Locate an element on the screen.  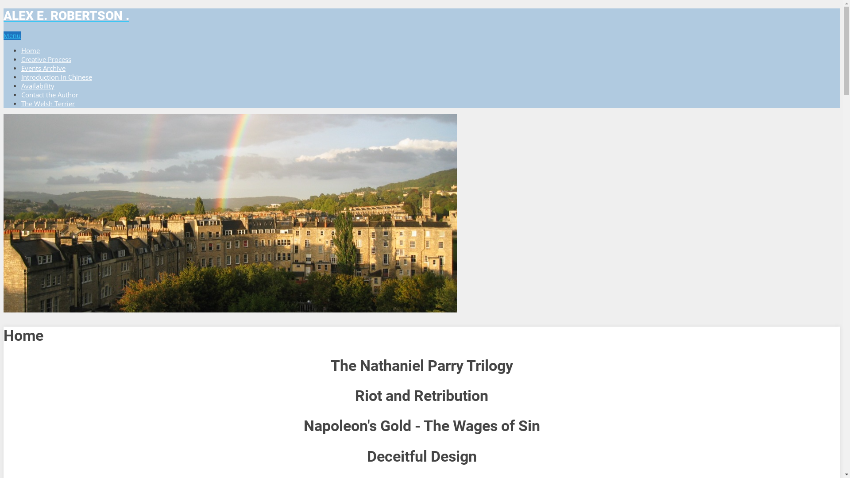
'Menu' is located at coordinates (12, 35).